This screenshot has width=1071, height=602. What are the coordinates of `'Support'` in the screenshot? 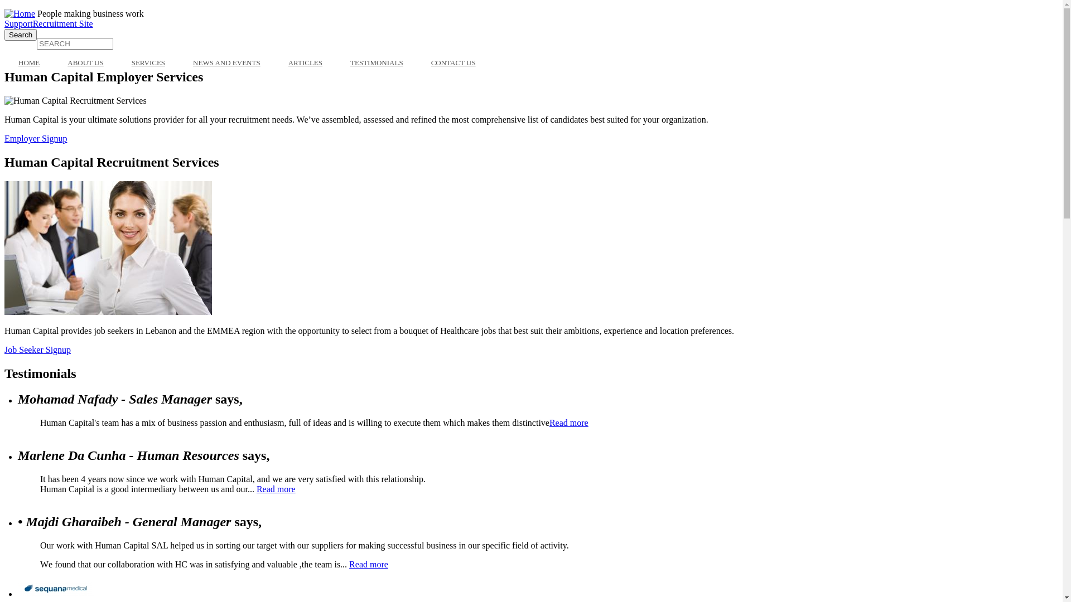 It's located at (18, 23).